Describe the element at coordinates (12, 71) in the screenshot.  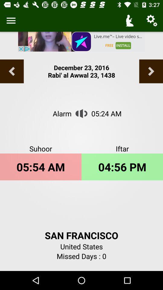
I see `previous` at that location.